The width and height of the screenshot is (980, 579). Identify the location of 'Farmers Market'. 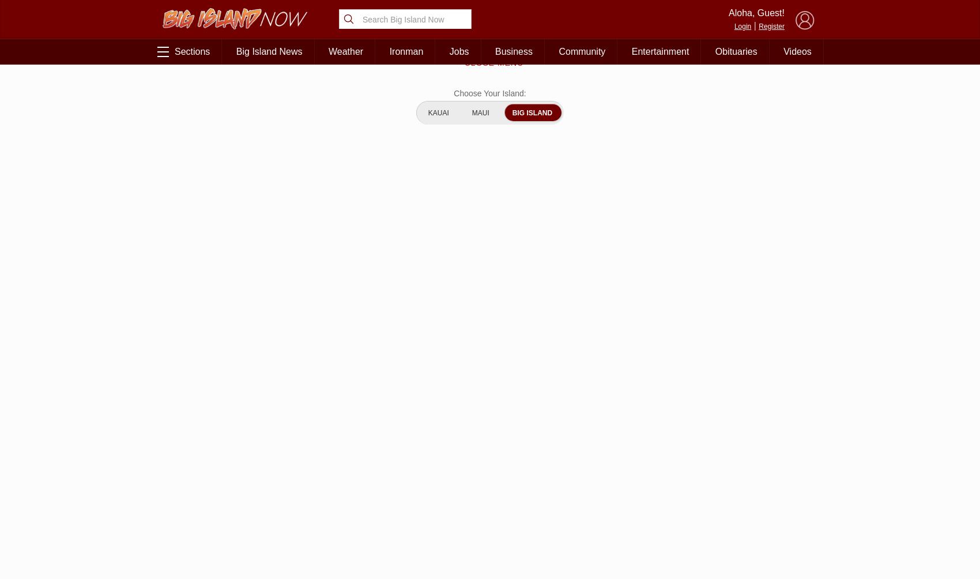
(763, 471).